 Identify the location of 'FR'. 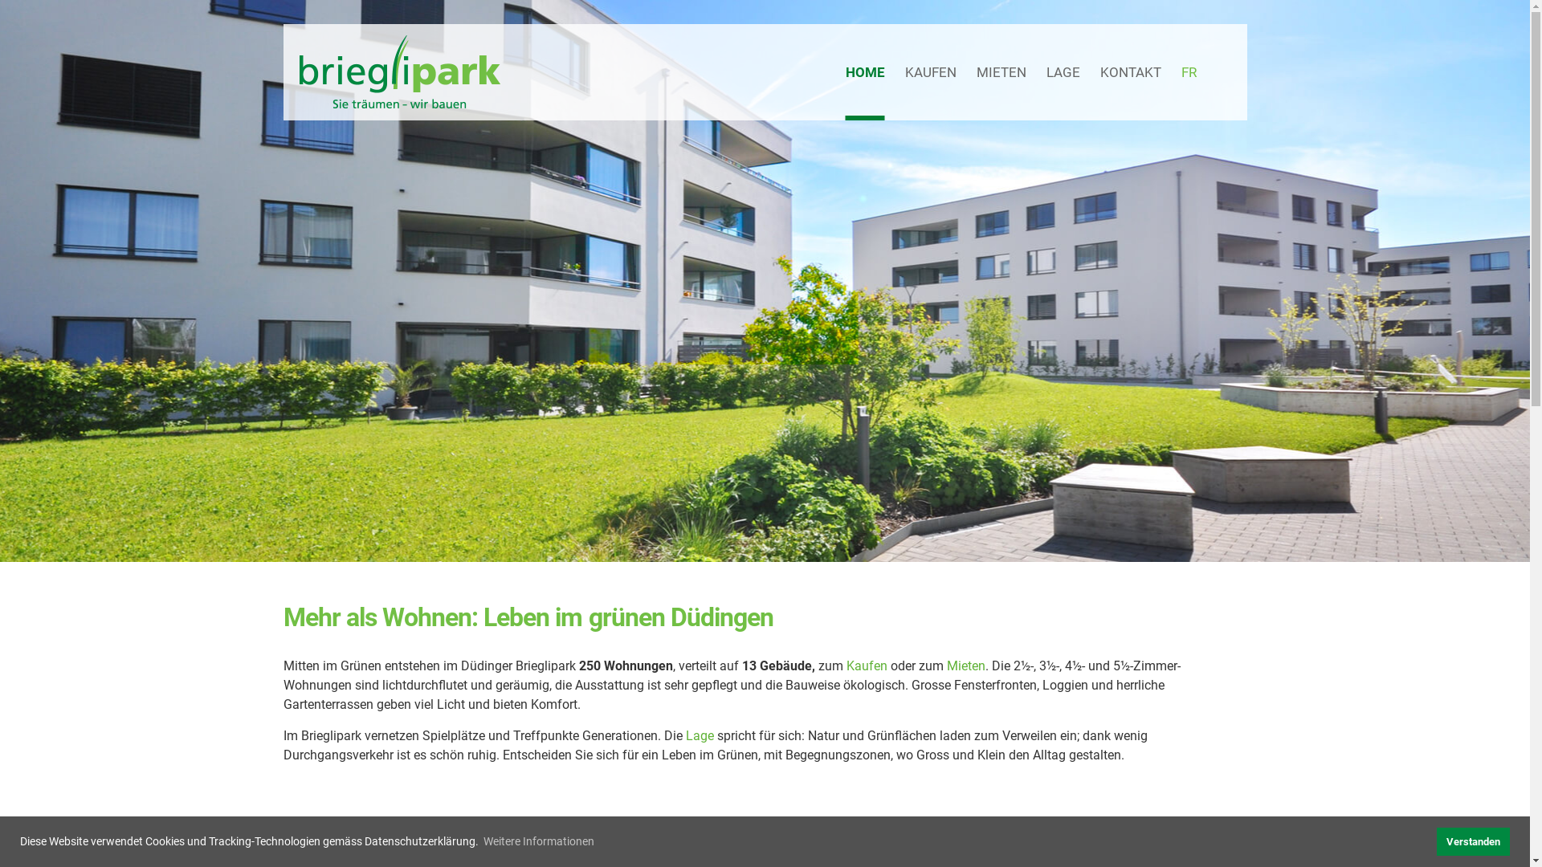
(1180, 71).